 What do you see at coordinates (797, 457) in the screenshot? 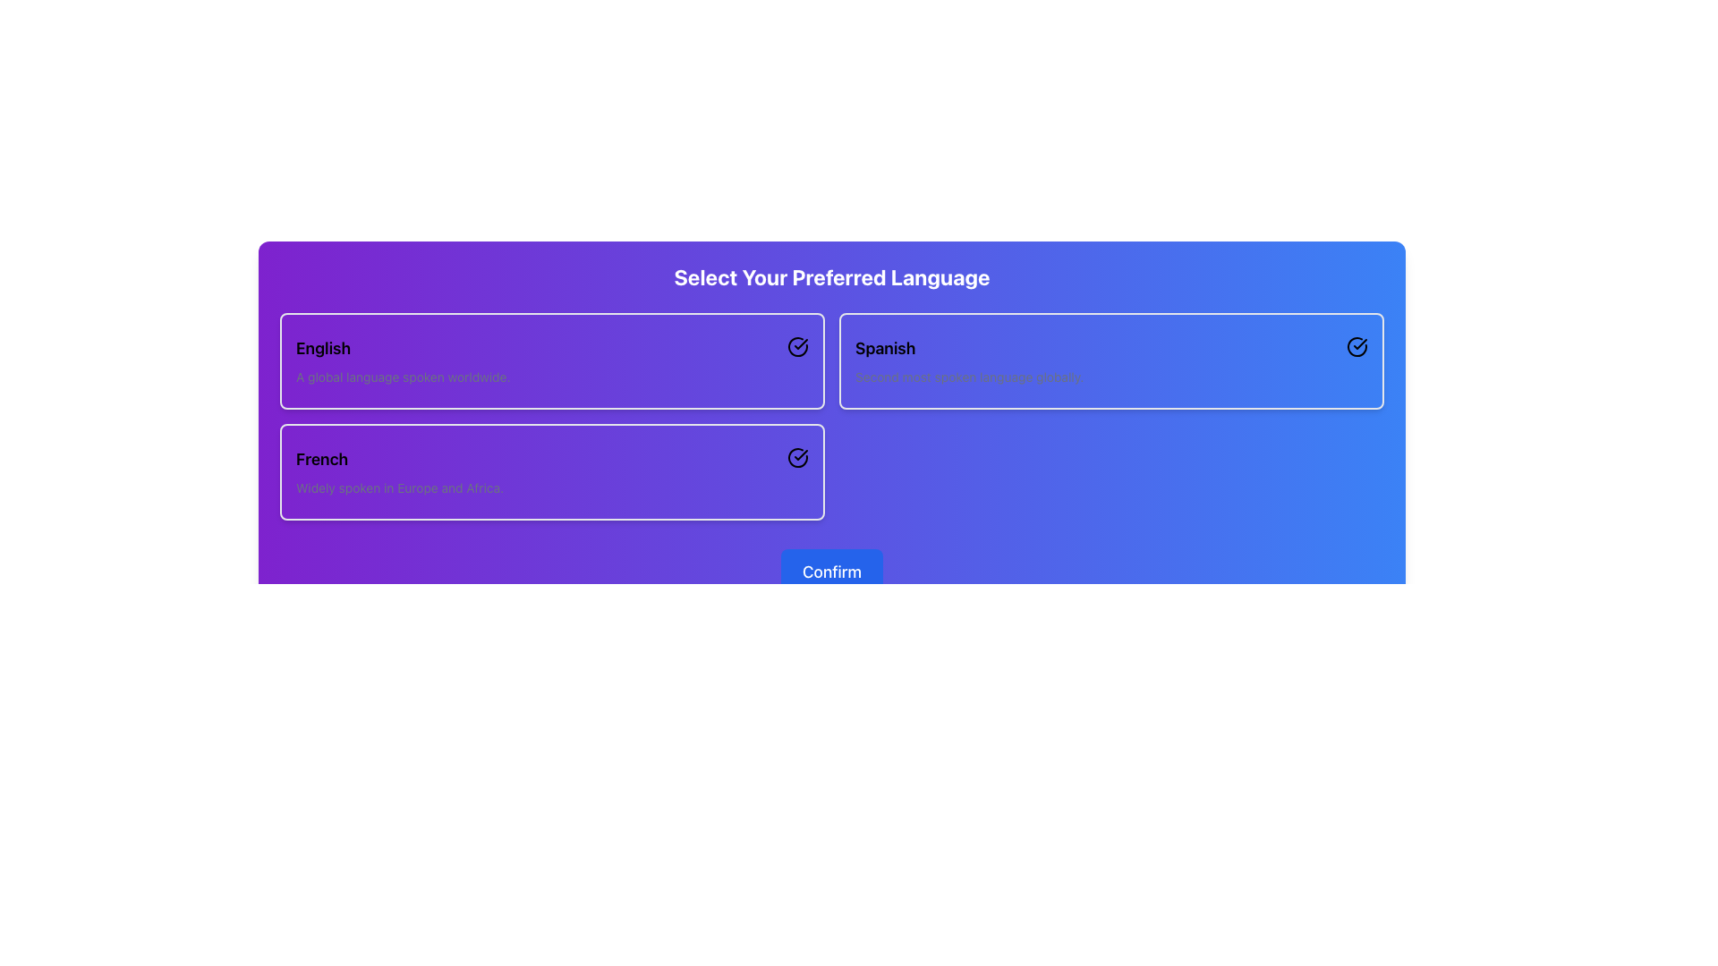
I see `the checkbox icon indicating the selection of the 'French' language option, which is highlighted to show the user's choice` at bounding box center [797, 457].